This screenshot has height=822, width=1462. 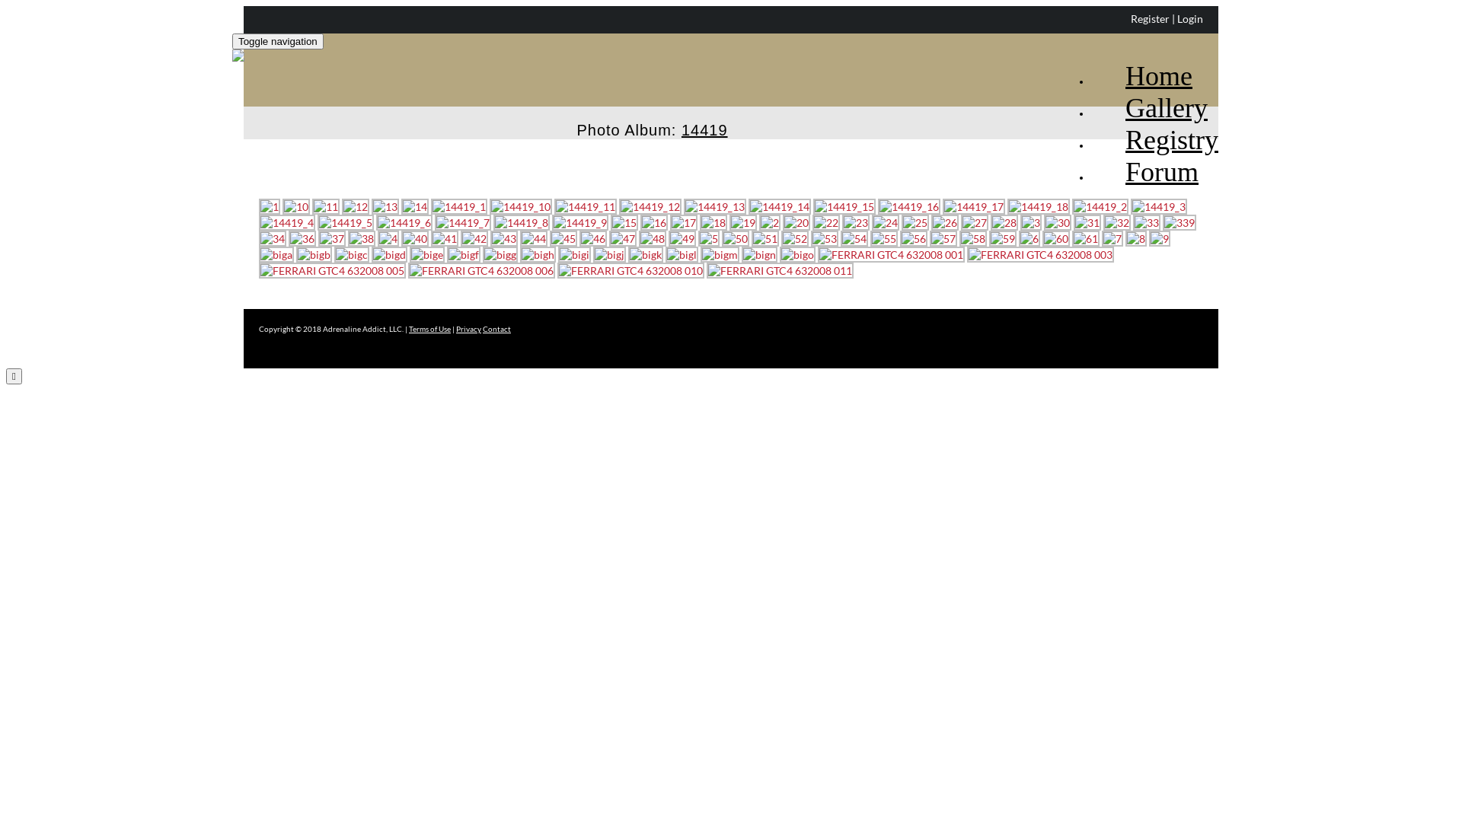 What do you see at coordinates (843, 206) in the screenshot?
I see `'14419_15 (click to enlarge)'` at bounding box center [843, 206].